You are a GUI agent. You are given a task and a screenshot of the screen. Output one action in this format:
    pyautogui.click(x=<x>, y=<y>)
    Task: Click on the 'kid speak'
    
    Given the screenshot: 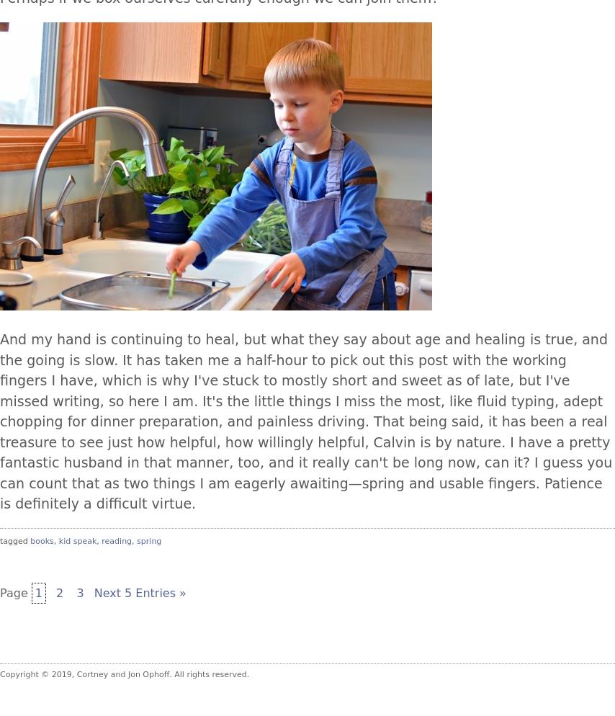 What is the action you would take?
    pyautogui.click(x=77, y=540)
    